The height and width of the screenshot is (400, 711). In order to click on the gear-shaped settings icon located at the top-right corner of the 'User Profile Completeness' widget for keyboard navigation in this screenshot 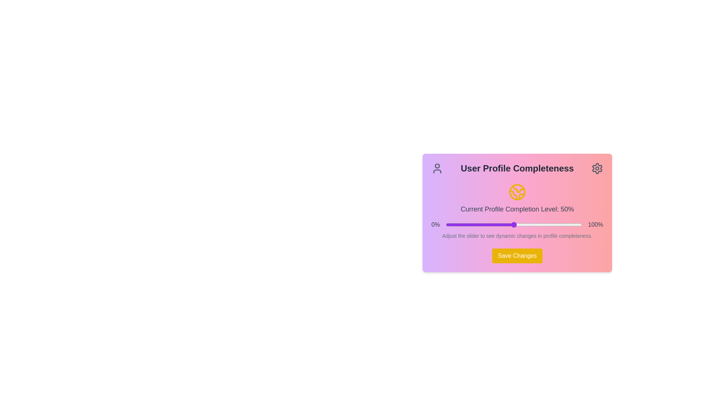, I will do `click(597, 169)`.